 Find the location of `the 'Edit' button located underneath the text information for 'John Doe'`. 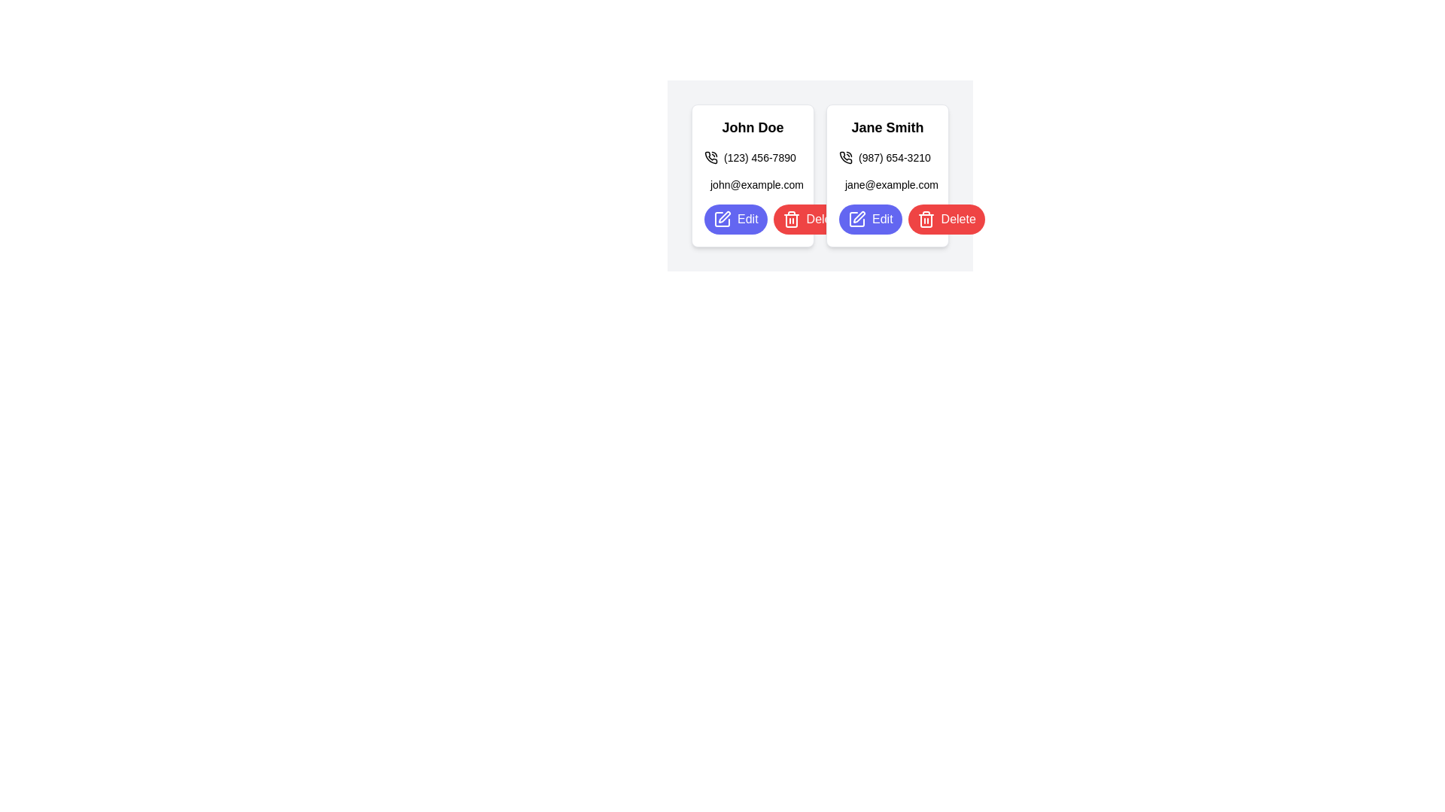

the 'Edit' button located underneath the text information for 'John Doe' is located at coordinates (735, 220).